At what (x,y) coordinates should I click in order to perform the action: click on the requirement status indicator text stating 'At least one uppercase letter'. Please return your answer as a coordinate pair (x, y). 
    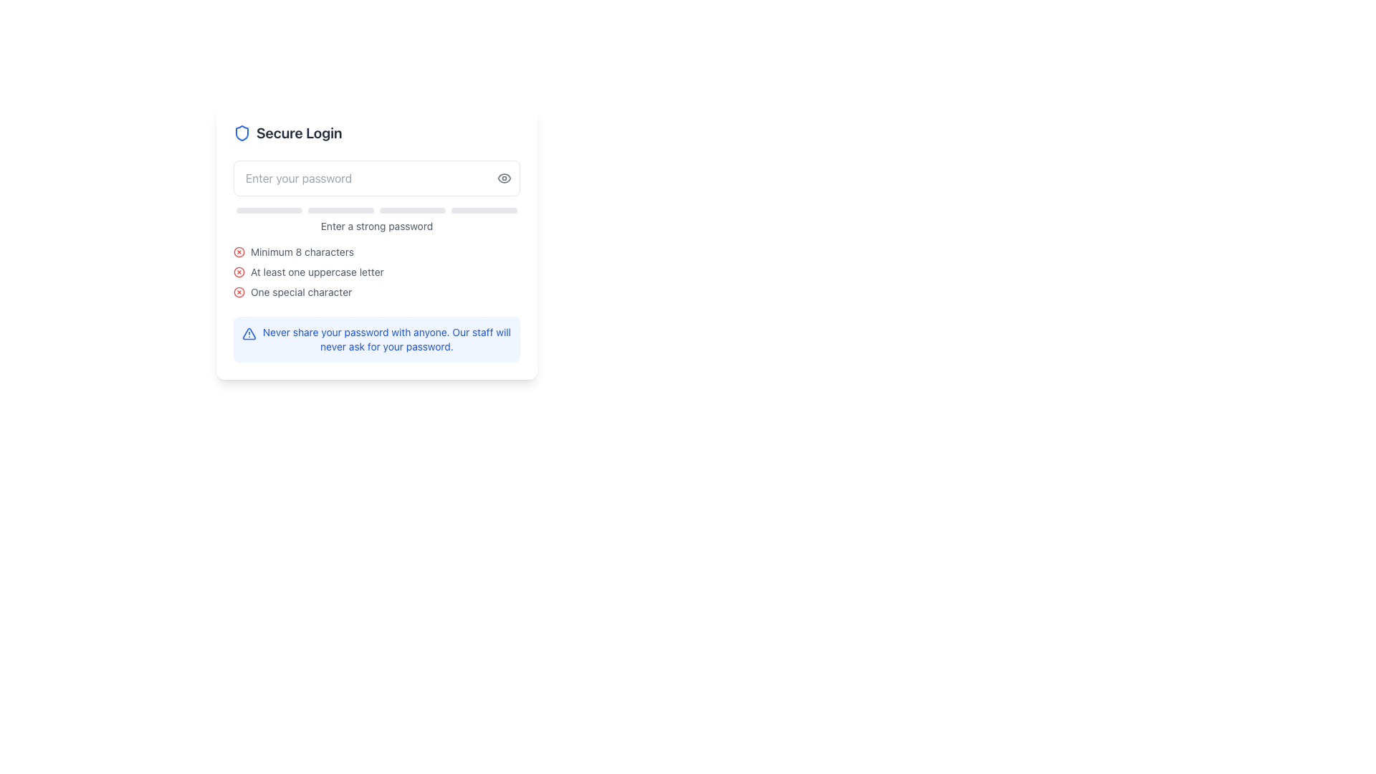
    Looking at the image, I should click on (377, 272).